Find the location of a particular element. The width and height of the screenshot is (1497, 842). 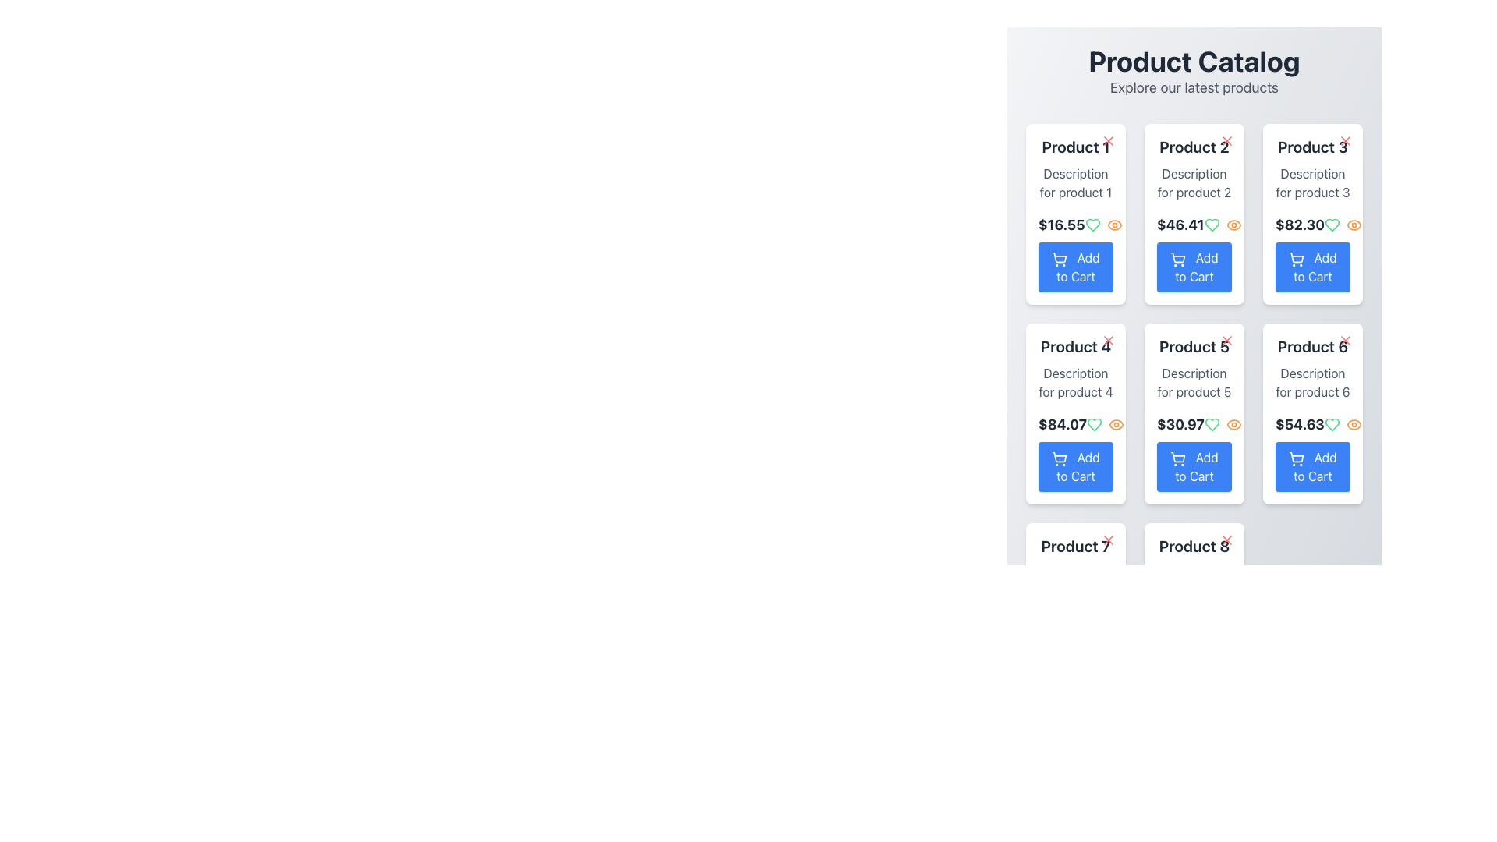

the 'Add to Cart' button for 'Product 5' that contains the shopping cart icon is located at coordinates (1178, 456).